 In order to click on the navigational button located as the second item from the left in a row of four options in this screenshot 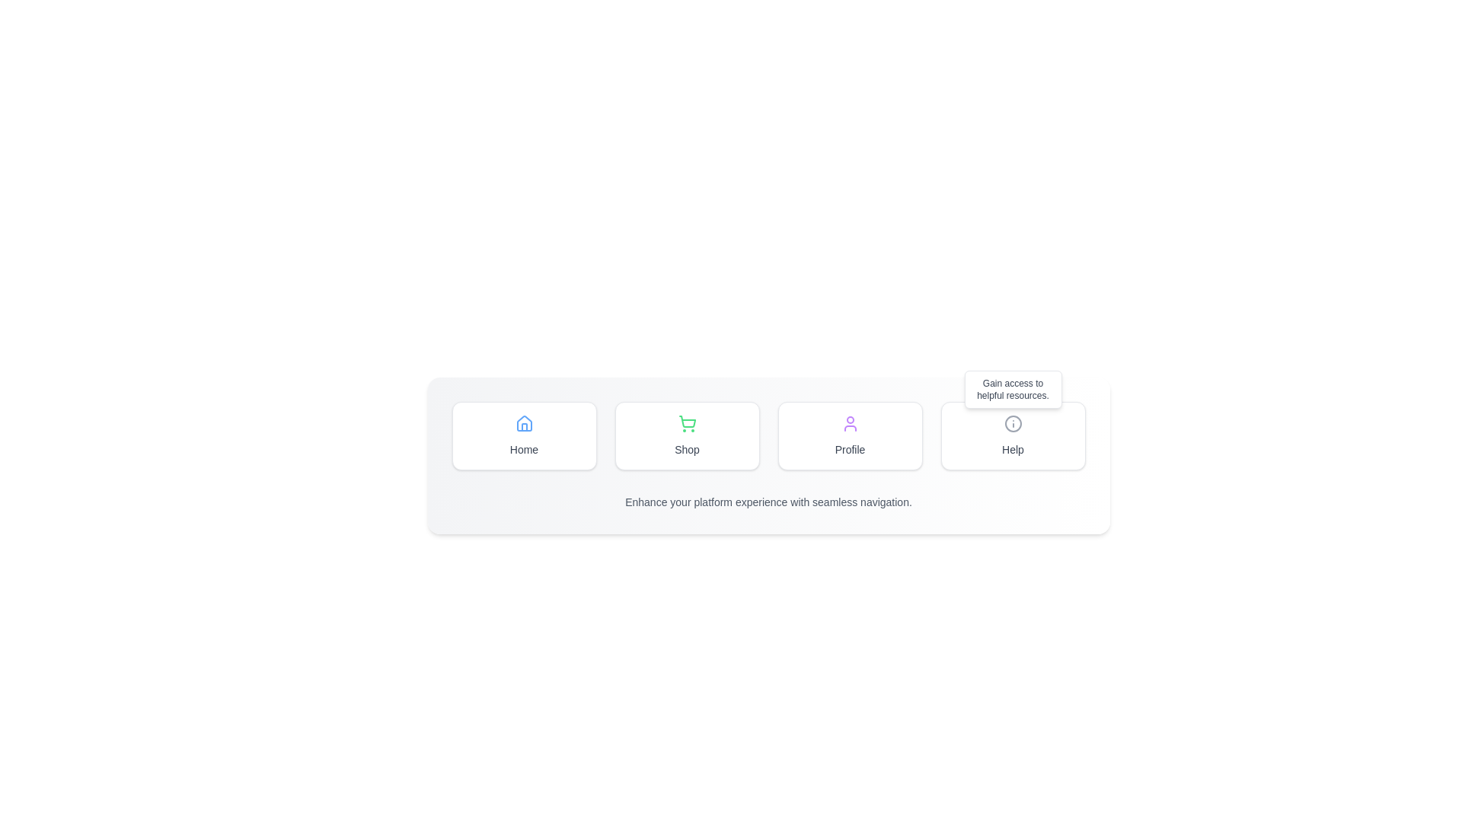, I will do `click(686, 436)`.